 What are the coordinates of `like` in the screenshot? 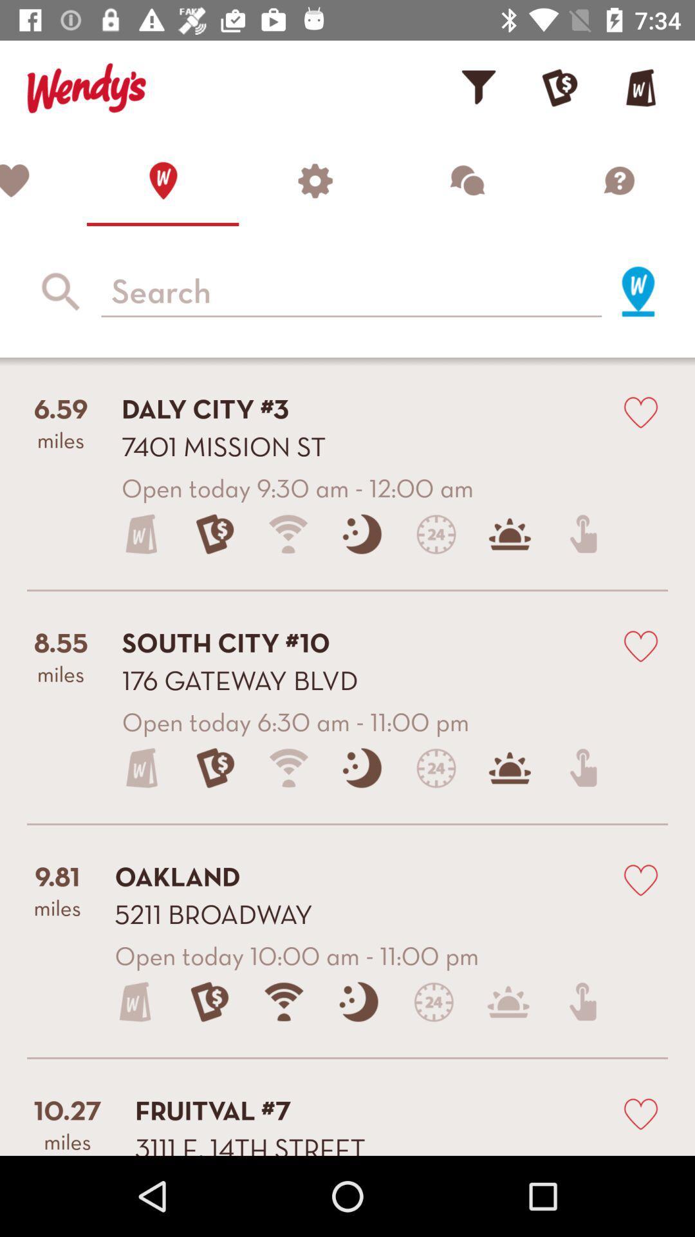 It's located at (640, 1113).